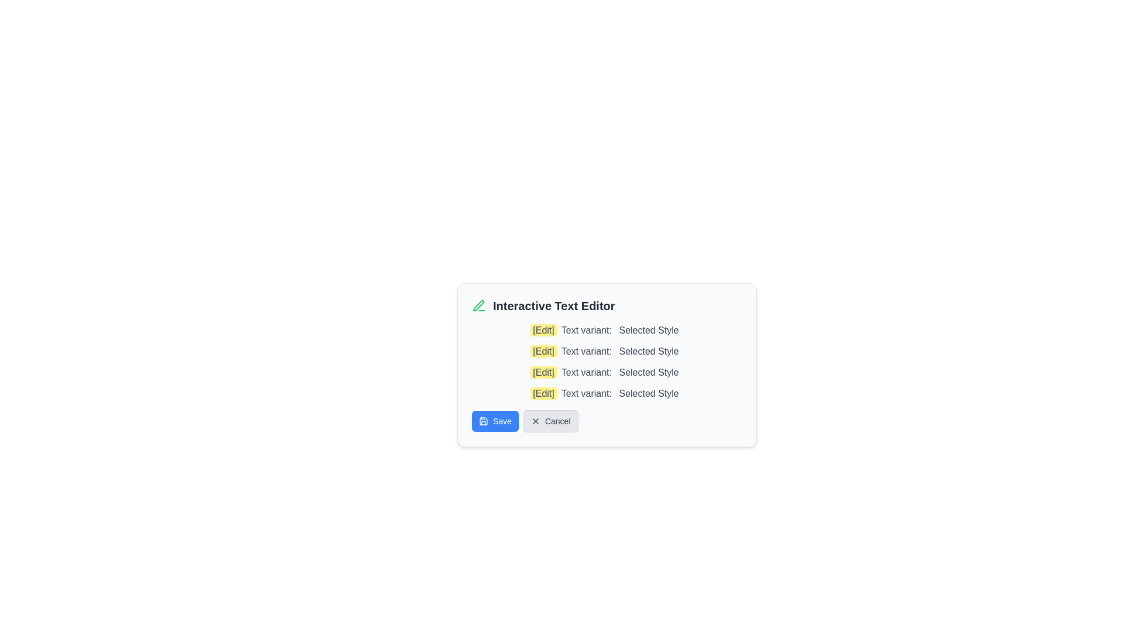  What do you see at coordinates (535, 421) in the screenshot?
I see `the 'Cancel' icon located at the bottom of the dialog box` at bounding box center [535, 421].